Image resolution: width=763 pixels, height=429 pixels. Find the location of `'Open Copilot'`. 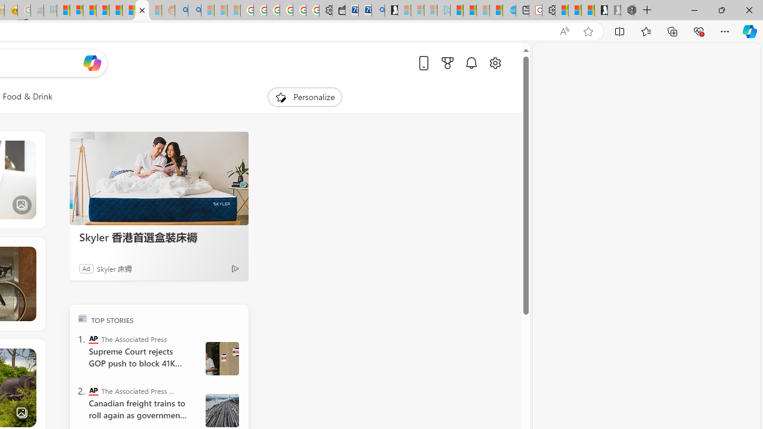

'Open Copilot' is located at coordinates (92, 63).